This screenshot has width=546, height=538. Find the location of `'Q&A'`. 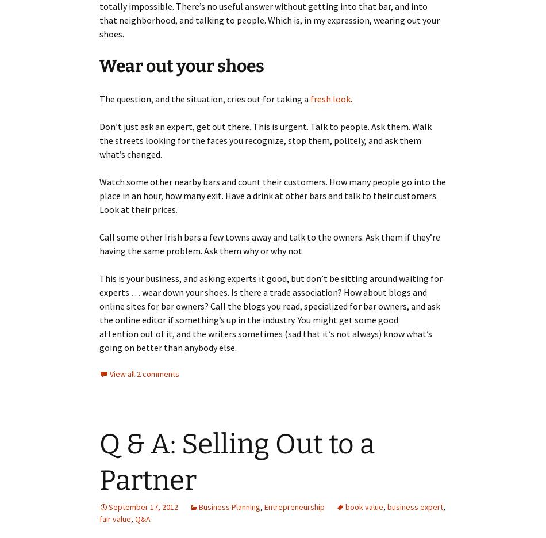

'Q&A' is located at coordinates (142, 518).